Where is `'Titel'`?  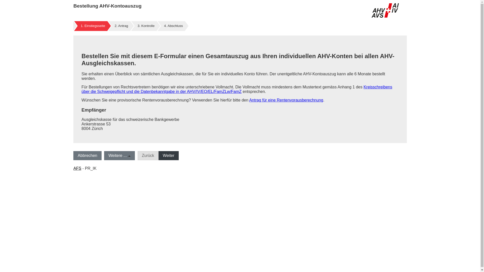
'Titel' is located at coordinates (385, 10).